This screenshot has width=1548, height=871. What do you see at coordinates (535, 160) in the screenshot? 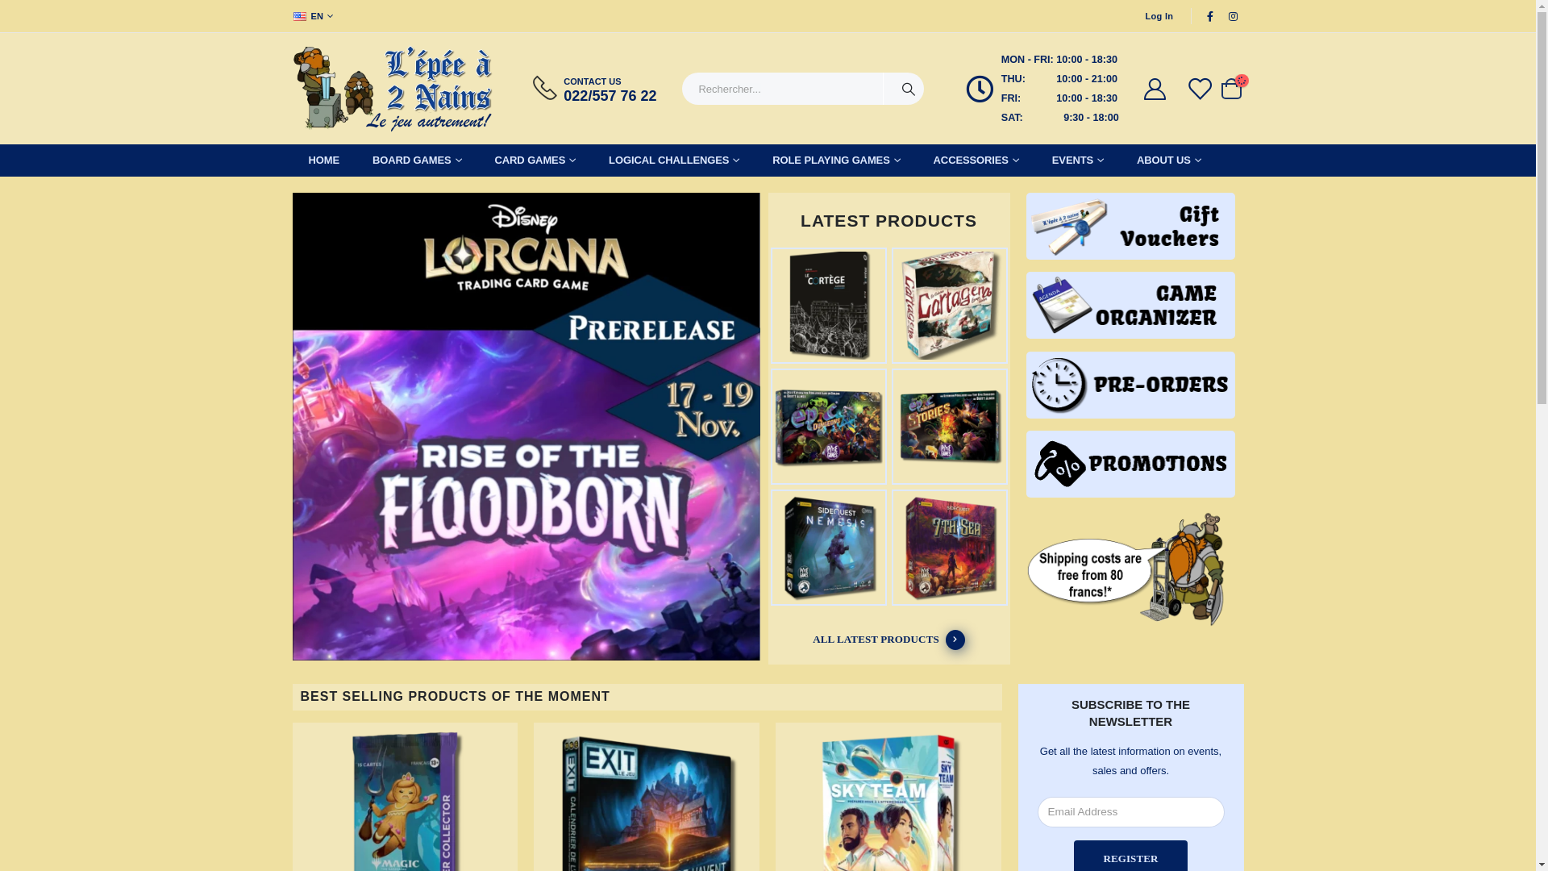
I see `'CARD GAMES'` at bounding box center [535, 160].